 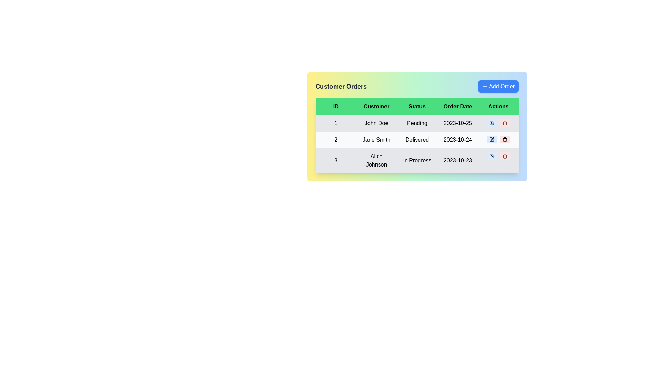 What do you see at coordinates (417, 160) in the screenshot?
I see `the last table row under the 'Customer Orders' header` at bounding box center [417, 160].